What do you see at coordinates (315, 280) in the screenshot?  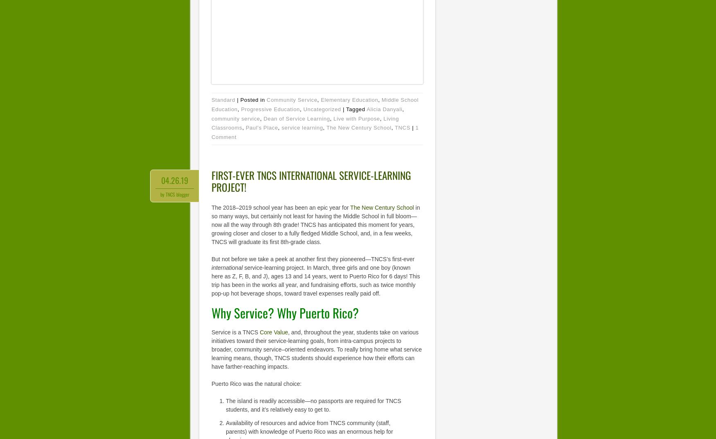 I see `'service-learning project. In March, three girls and one boy (known here as Z, F, B, and J), ages 13 and 14 years, went to Puerto Rico for 6 days! This trip has been in the works all year, and fundraising efforts, such as twice monthly pop-up hot beverage shops, toward travel expenses really paid off.'` at bounding box center [315, 280].